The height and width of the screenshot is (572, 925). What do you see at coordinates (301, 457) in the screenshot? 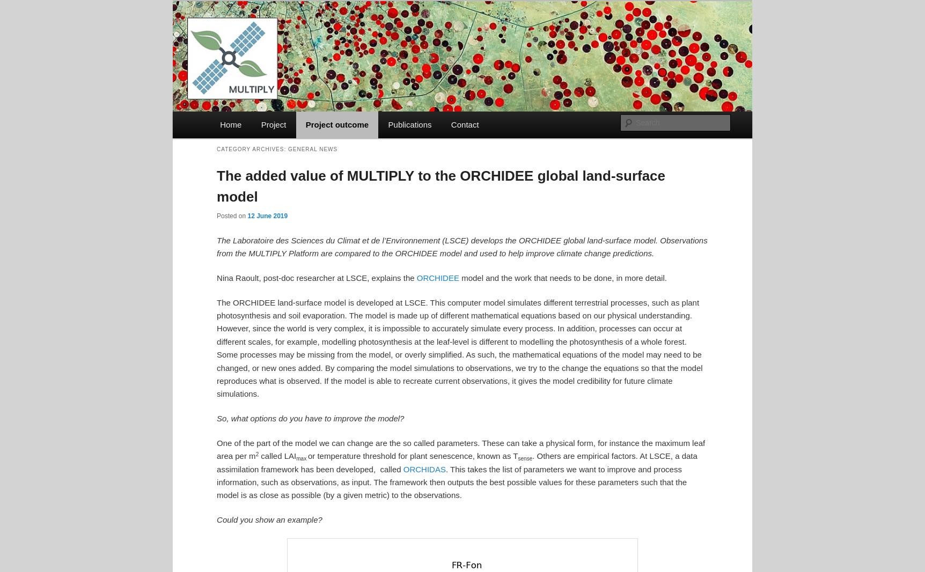
I see `'max'` at bounding box center [301, 457].